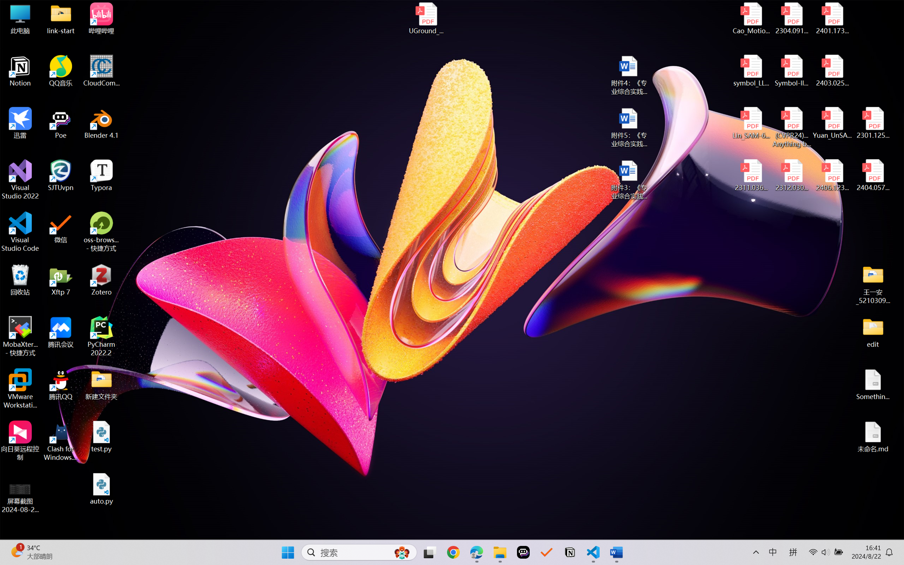 Image resolution: width=904 pixels, height=565 pixels. Describe the element at coordinates (20, 231) in the screenshot. I see `'Visual Studio Code'` at that location.